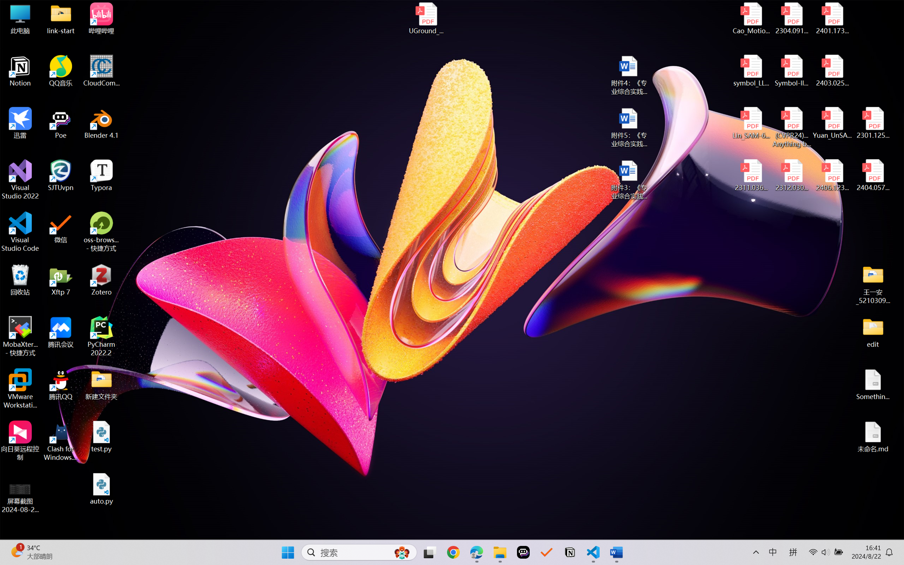 Image resolution: width=904 pixels, height=565 pixels. Describe the element at coordinates (20, 231) in the screenshot. I see `'Visual Studio Code'` at that location.